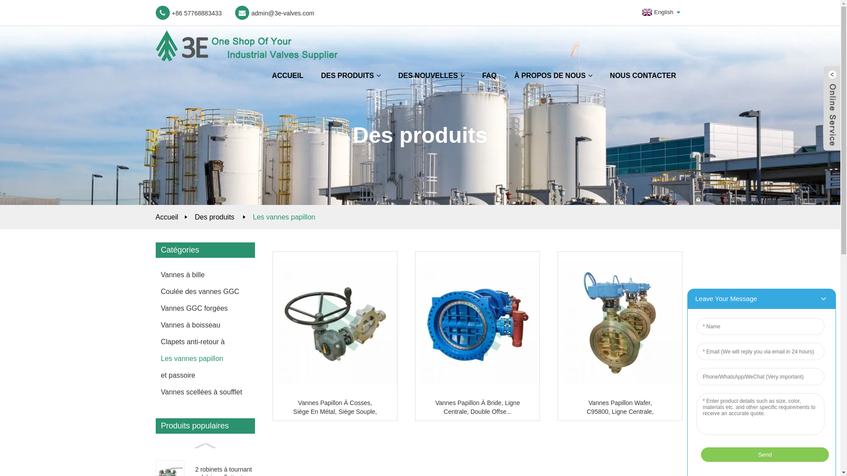 The height and width of the screenshot is (476, 847). I want to click on 'Les vannes papillon', so click(284, 217).